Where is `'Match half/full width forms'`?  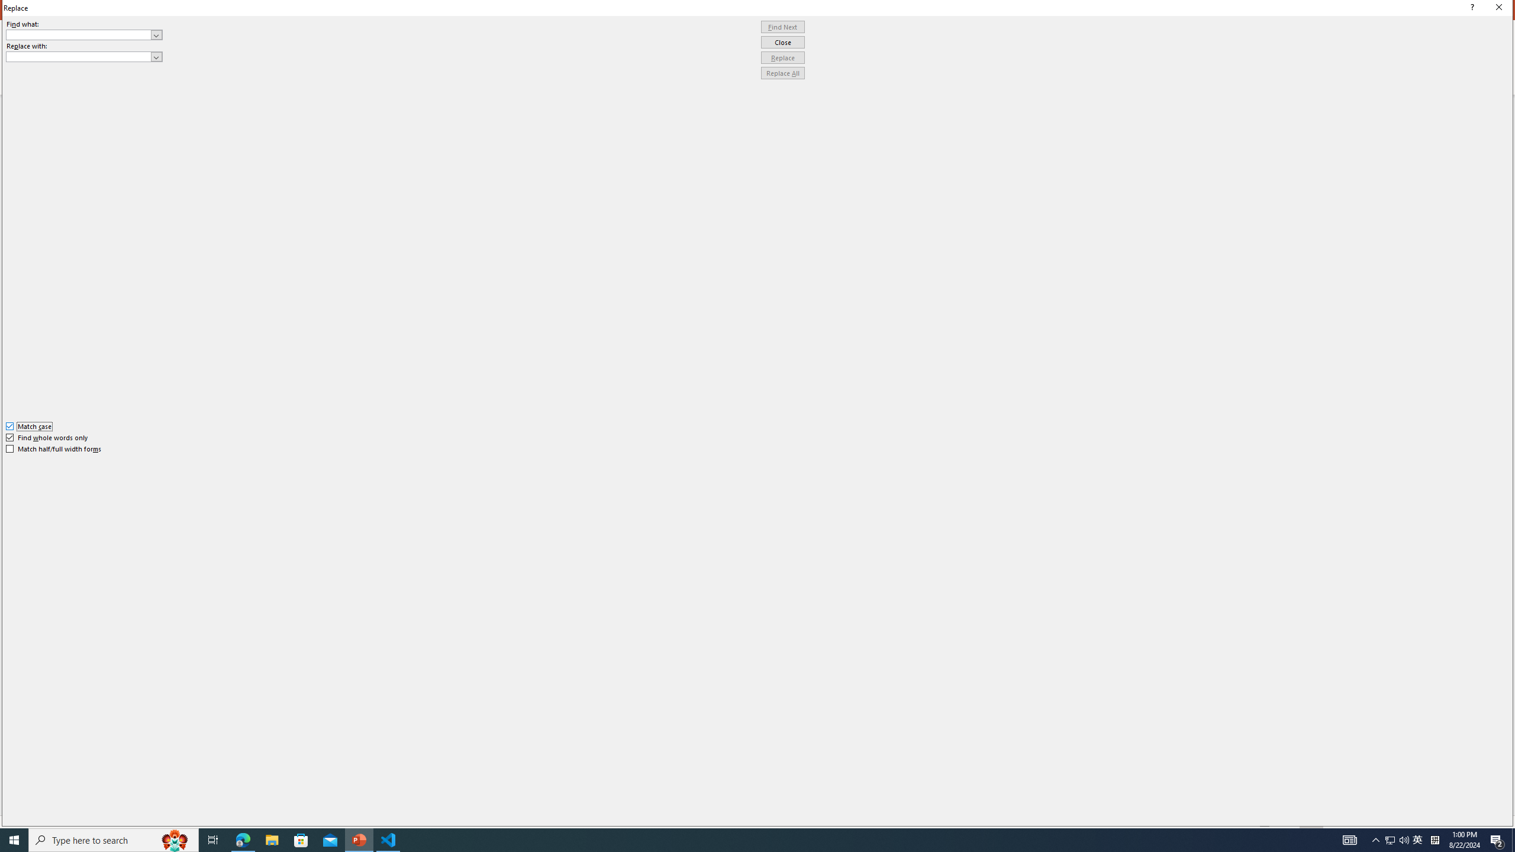
'Match half/full width forms' is located at coordinates (54, 448).